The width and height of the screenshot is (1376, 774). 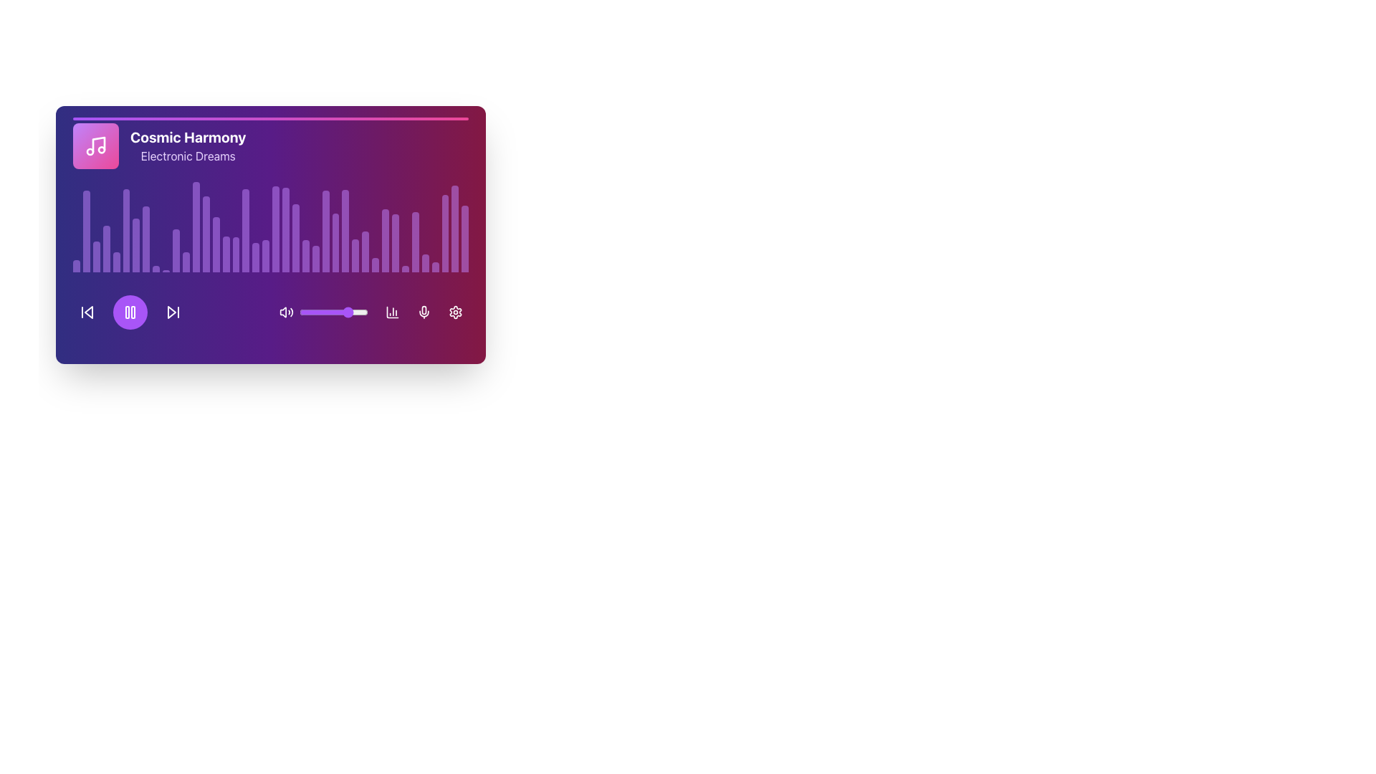 I want to click on the settings button represented by a gear icon located at the bottom-right corner of the card, so click(x=454, y=311).